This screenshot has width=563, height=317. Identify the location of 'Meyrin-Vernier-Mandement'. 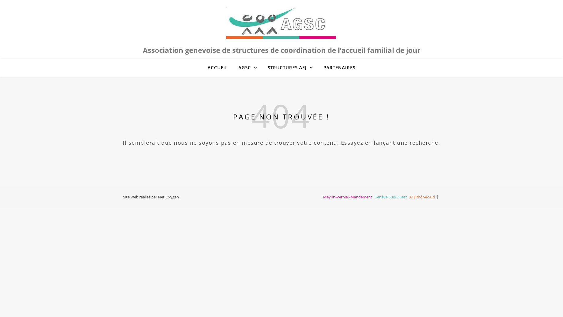
(323, 197).